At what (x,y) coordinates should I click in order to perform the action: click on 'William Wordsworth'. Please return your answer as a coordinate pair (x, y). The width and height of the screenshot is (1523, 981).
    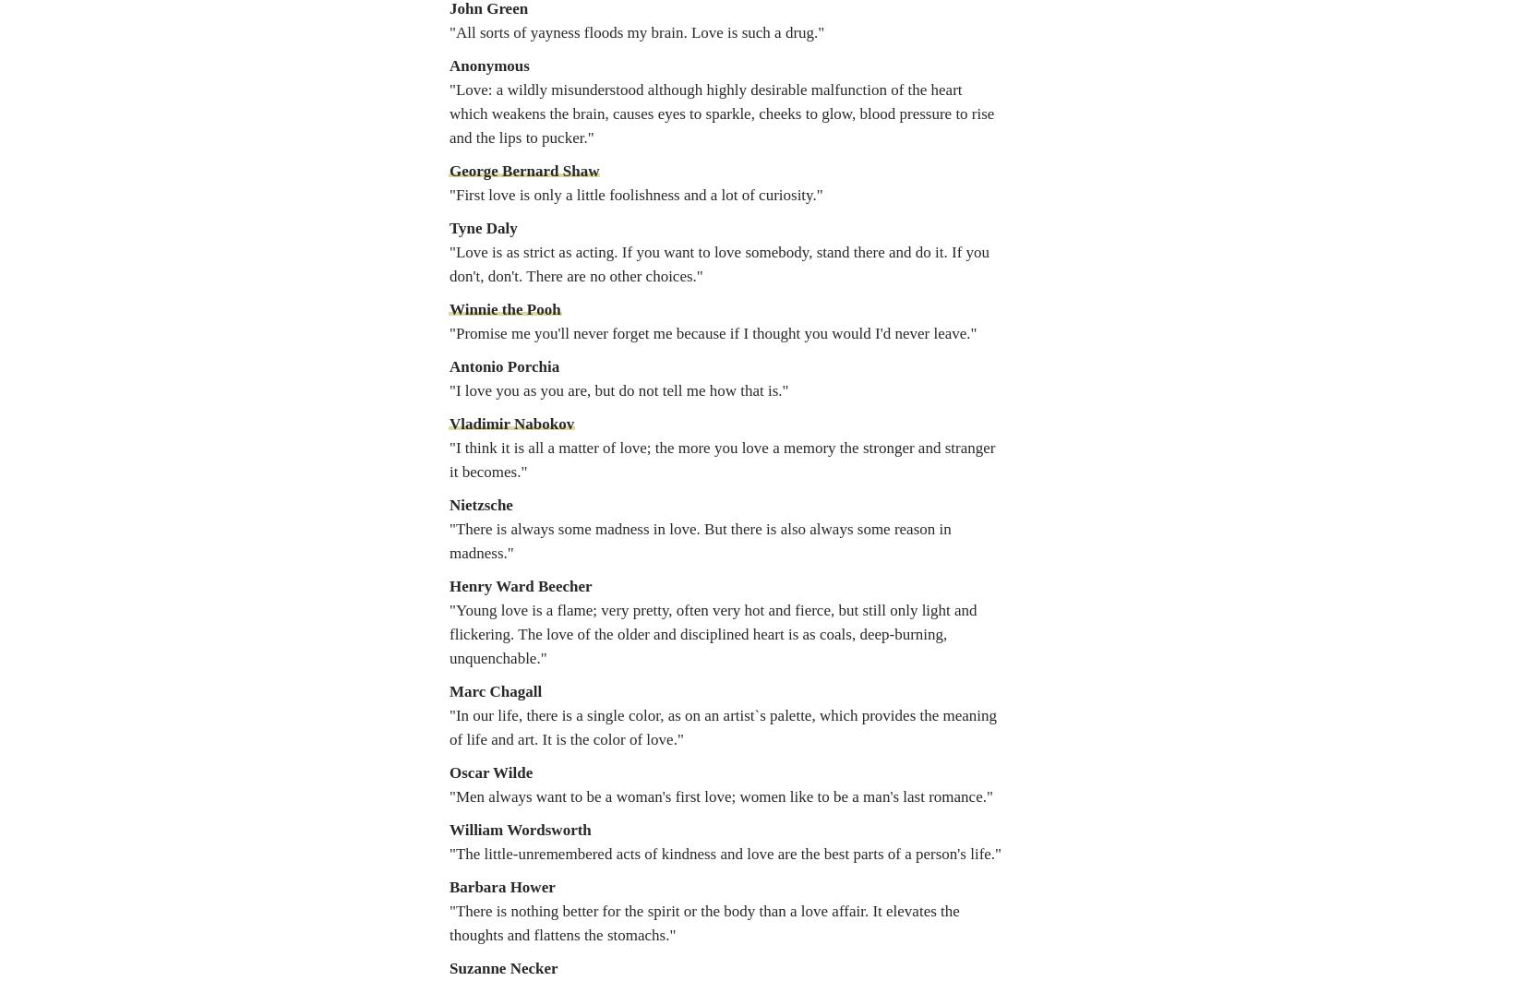
    Looking at the image, I should click on (449, 829).